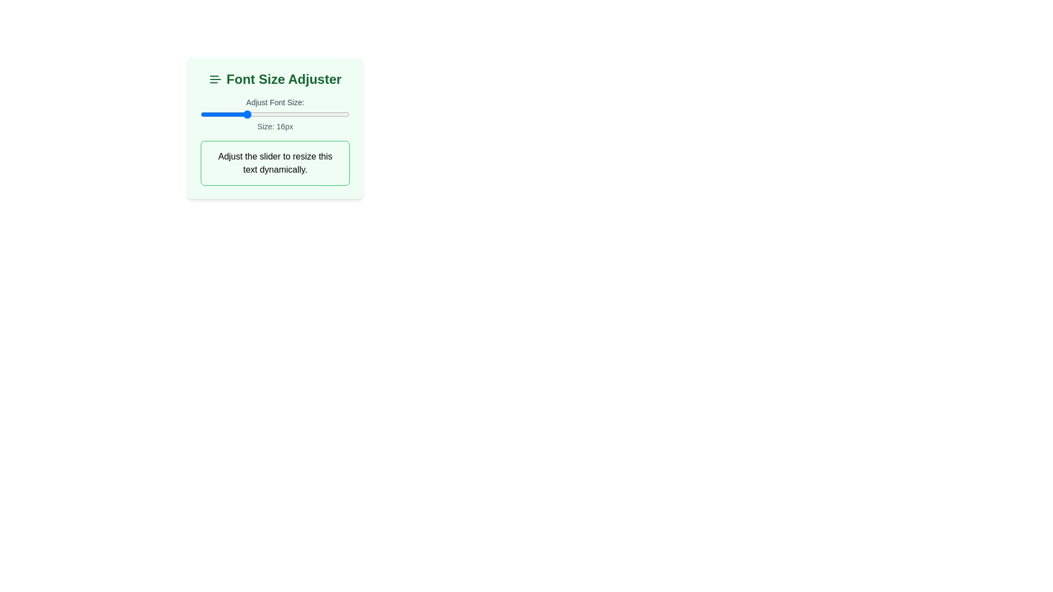 Image resolution: width=1053 pixels, height=592 pixels. I want to click on the slider to set the font size to 25 px, so click(312, 114).